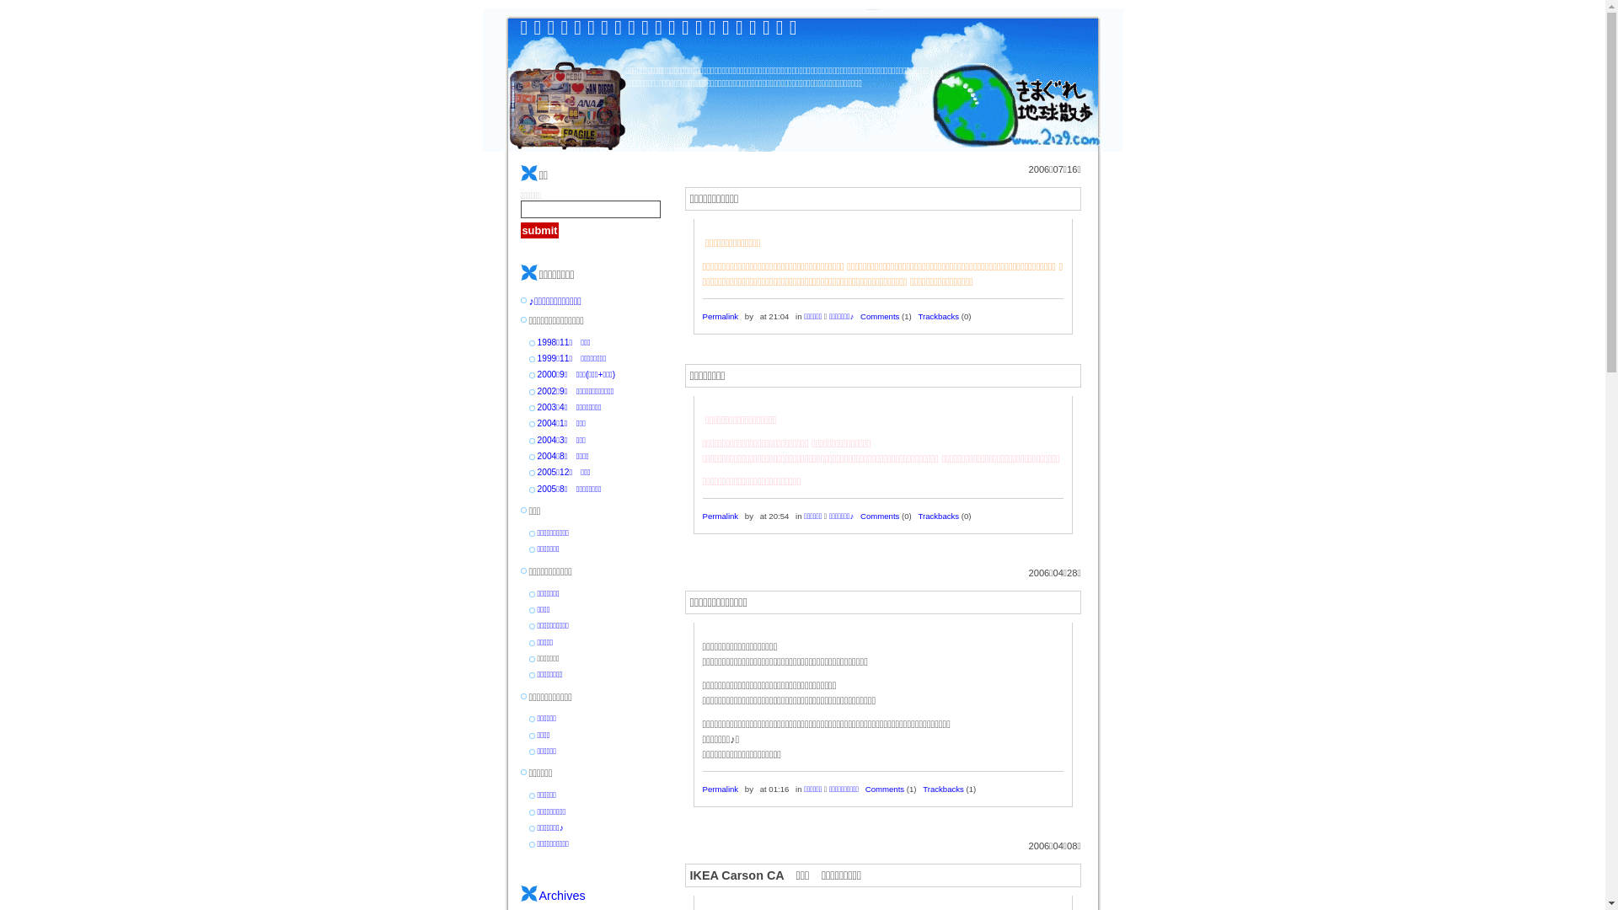 Image resolution: width=1618 pixels, height=910 pixels. Describe the element at coordinates (878, 316) in the screenshot. I see `'Comments'` at that location.